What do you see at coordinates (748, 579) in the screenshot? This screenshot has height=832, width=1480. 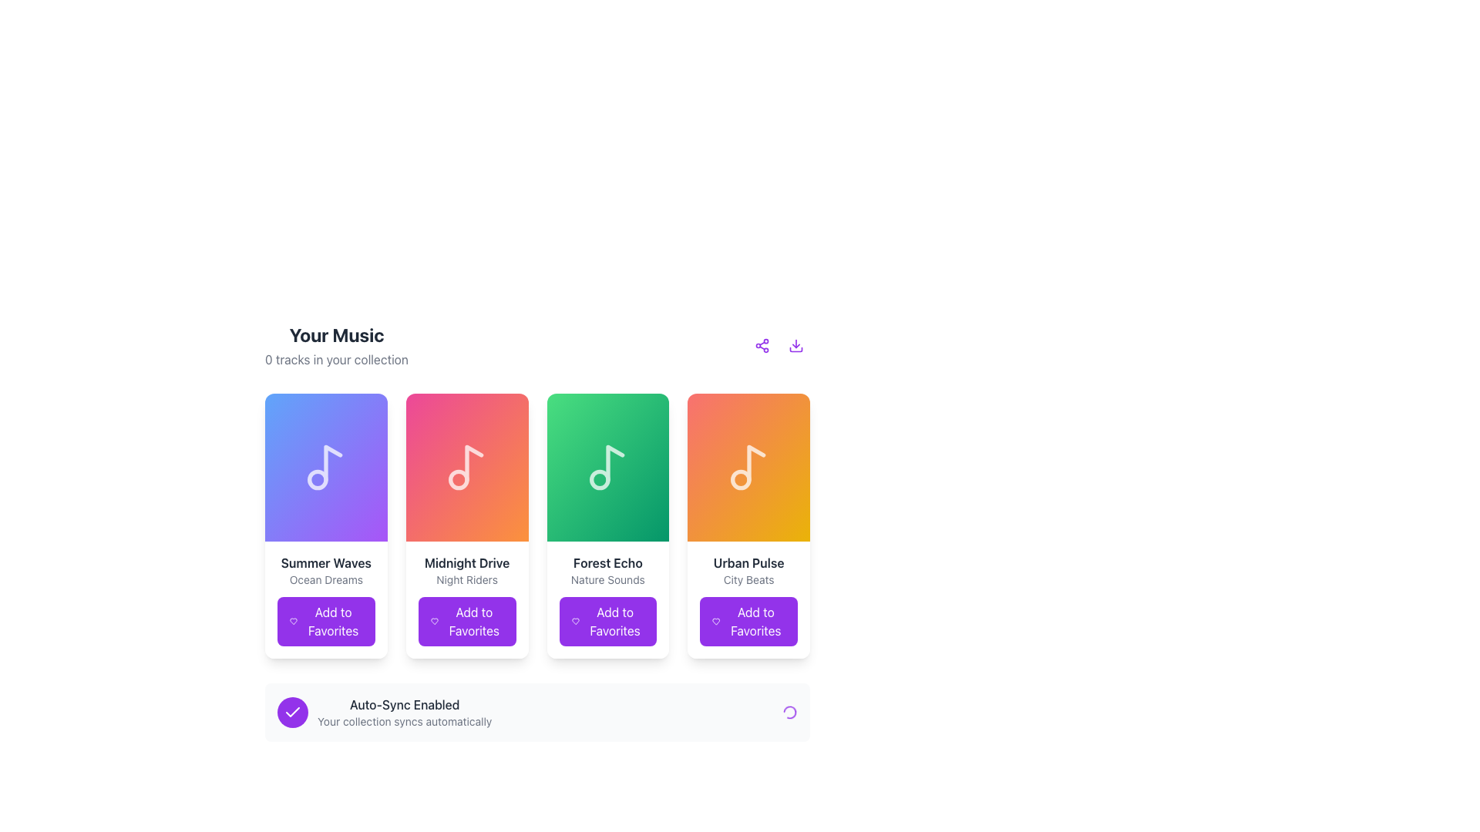 I see `the static text label reading 'City Beats', which is styled in gray and is positioned below 'Urban Pulse' within the card layout` at bounding box center [748, 579].